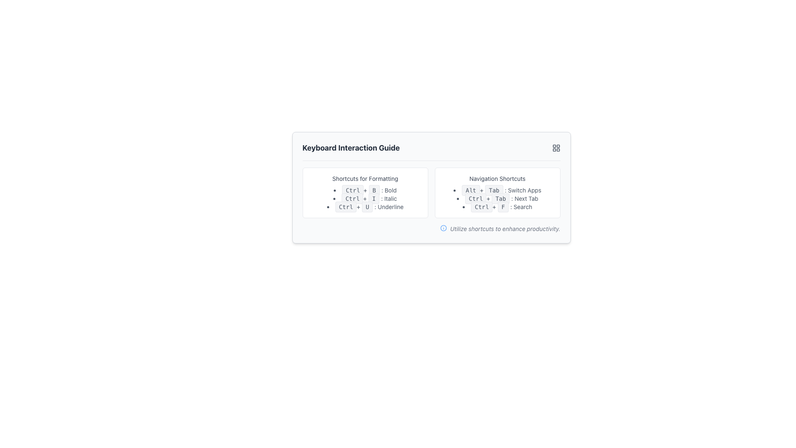 This screenshot has height=448, width=796. I want to click on the non-interactive label representing the 'Ctrl' key, which is part of the 'Navigation Shortcuts' section, indicating its role in the keyboard shortcut 'Ctrl+Tab: Next Tab', so click(476, 198).